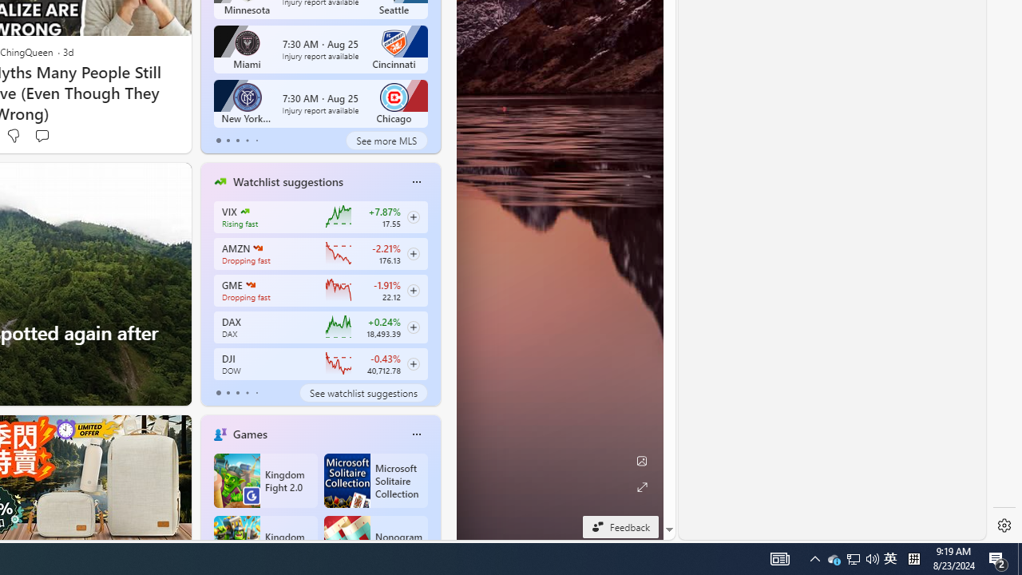 This screenshot has height=575, width=1022. Describe the element at coordinates (374, 479) in the screenshot. I see `'Microsoft Solitaire Collection'` at that location.